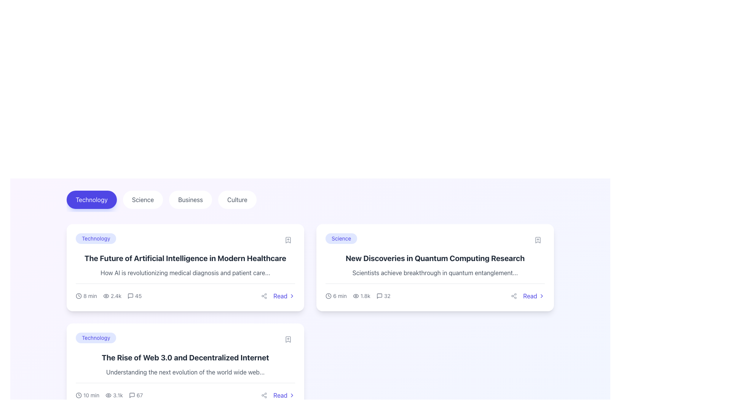  Describe the element at coordinates (264, 395) in the screenshot. I see `the sharing icon located in the lower-right corner of the card titled 'The Rise of Web 3.0 and Decentralized Internet'` at that location.